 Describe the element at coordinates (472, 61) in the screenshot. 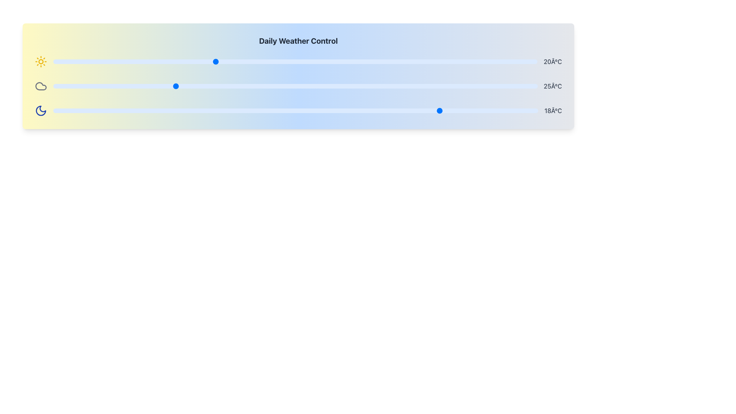

I see `the slider` at that location.